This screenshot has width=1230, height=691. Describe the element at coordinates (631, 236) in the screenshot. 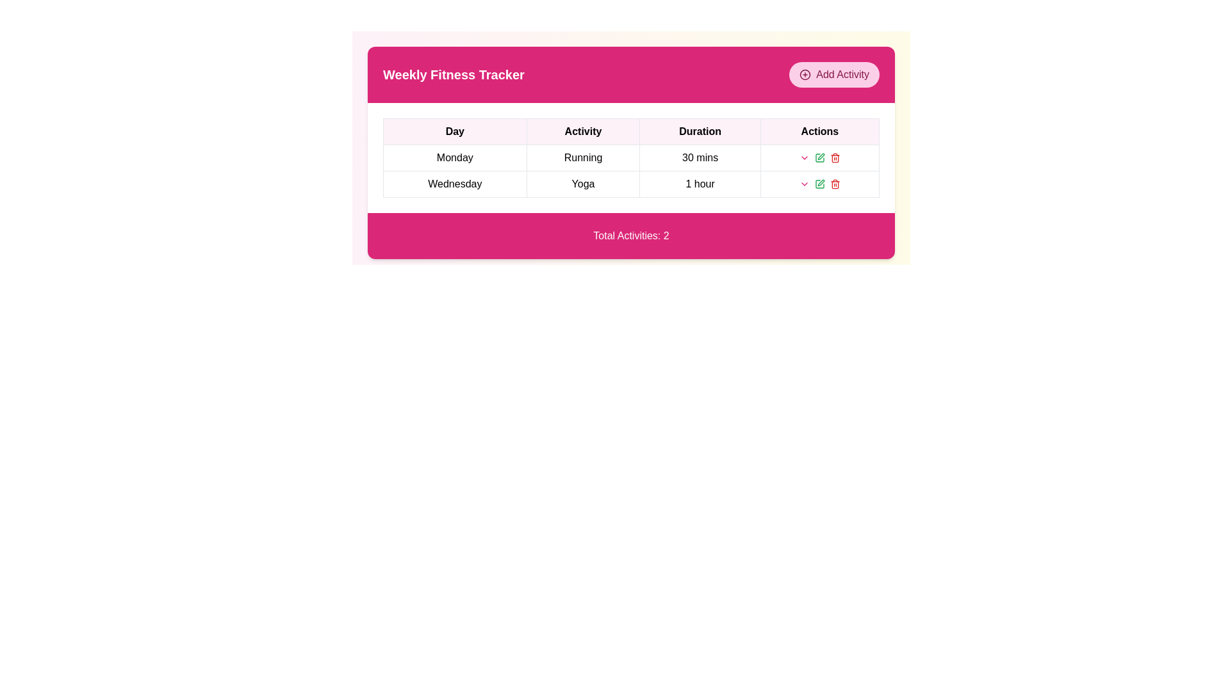

I see `the Informational Text Section that displays the total number of activities logged within the Weekly Fitness Tracker, located at the bottom of the section below the activities table` at that location.